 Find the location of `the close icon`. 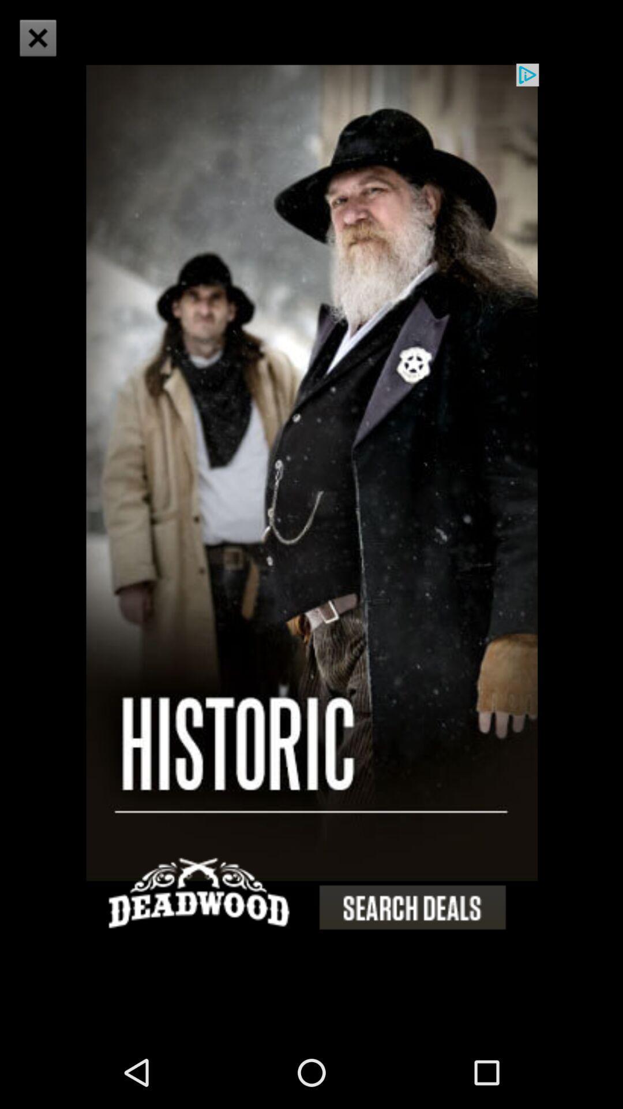

the close icon is located at coordinates (37, 40).